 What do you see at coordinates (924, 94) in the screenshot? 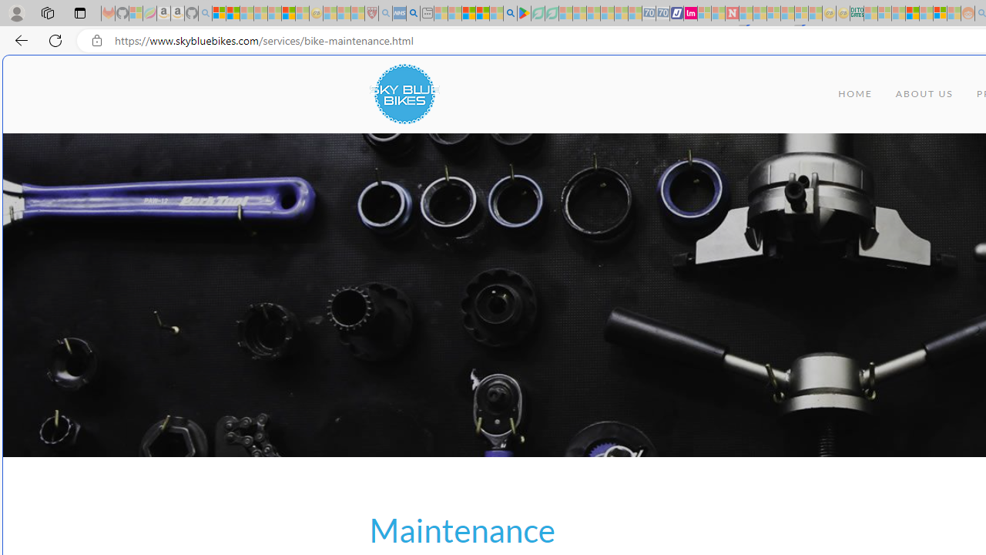
I see `'ABOUT US'` at bounding box center [924, 94].